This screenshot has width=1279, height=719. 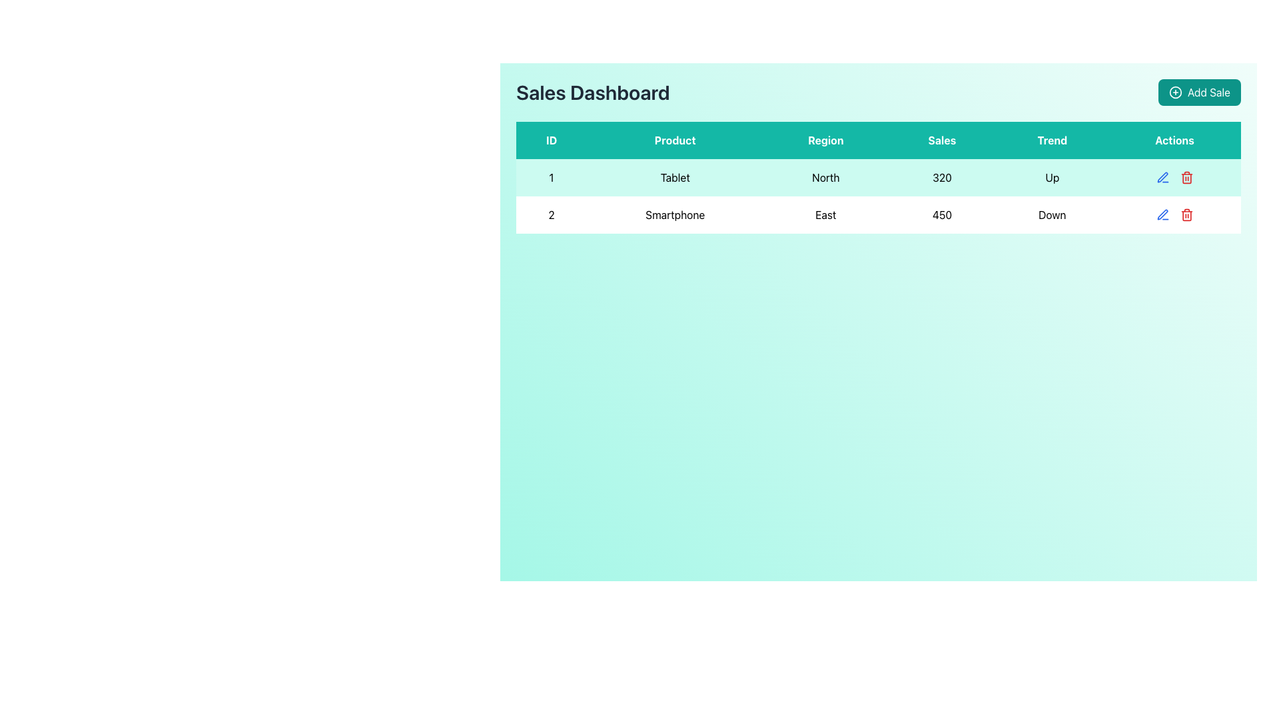 I want to click on the table cell displaying the numeral '1' from its position at the first column of the table, so click(x=552, y=176).